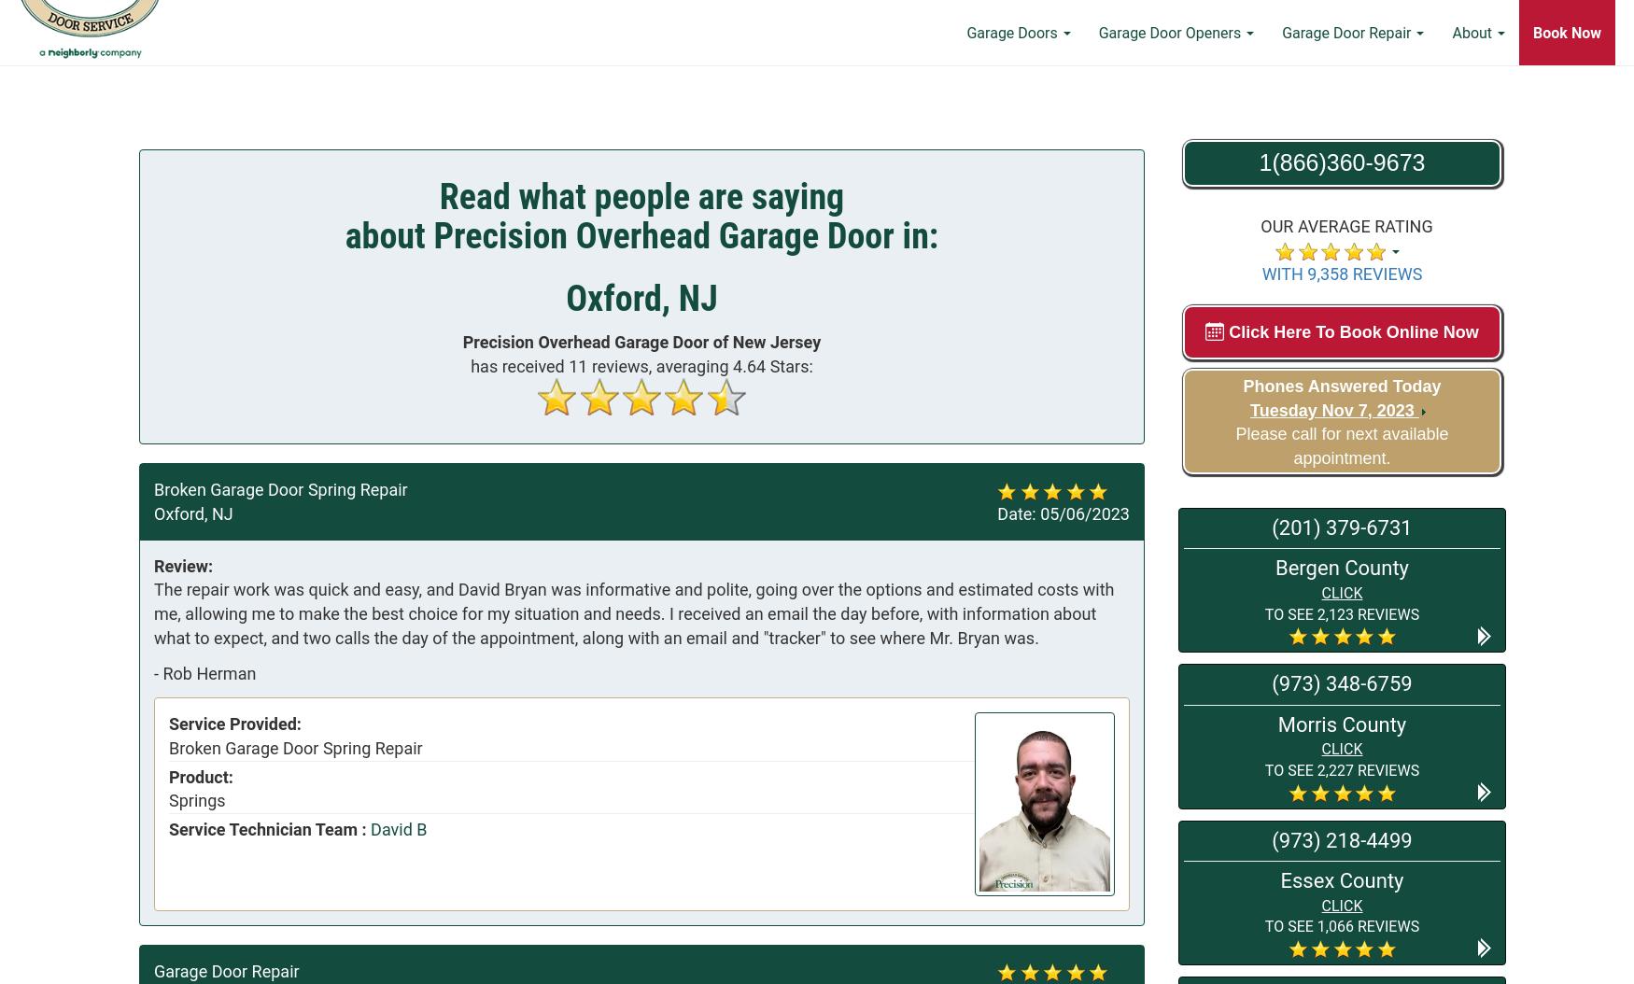 The image size is (1634, 984). Describe the element at coordinates (1394, 32) in the screenshot. I see `'Learning Center'` at that location.